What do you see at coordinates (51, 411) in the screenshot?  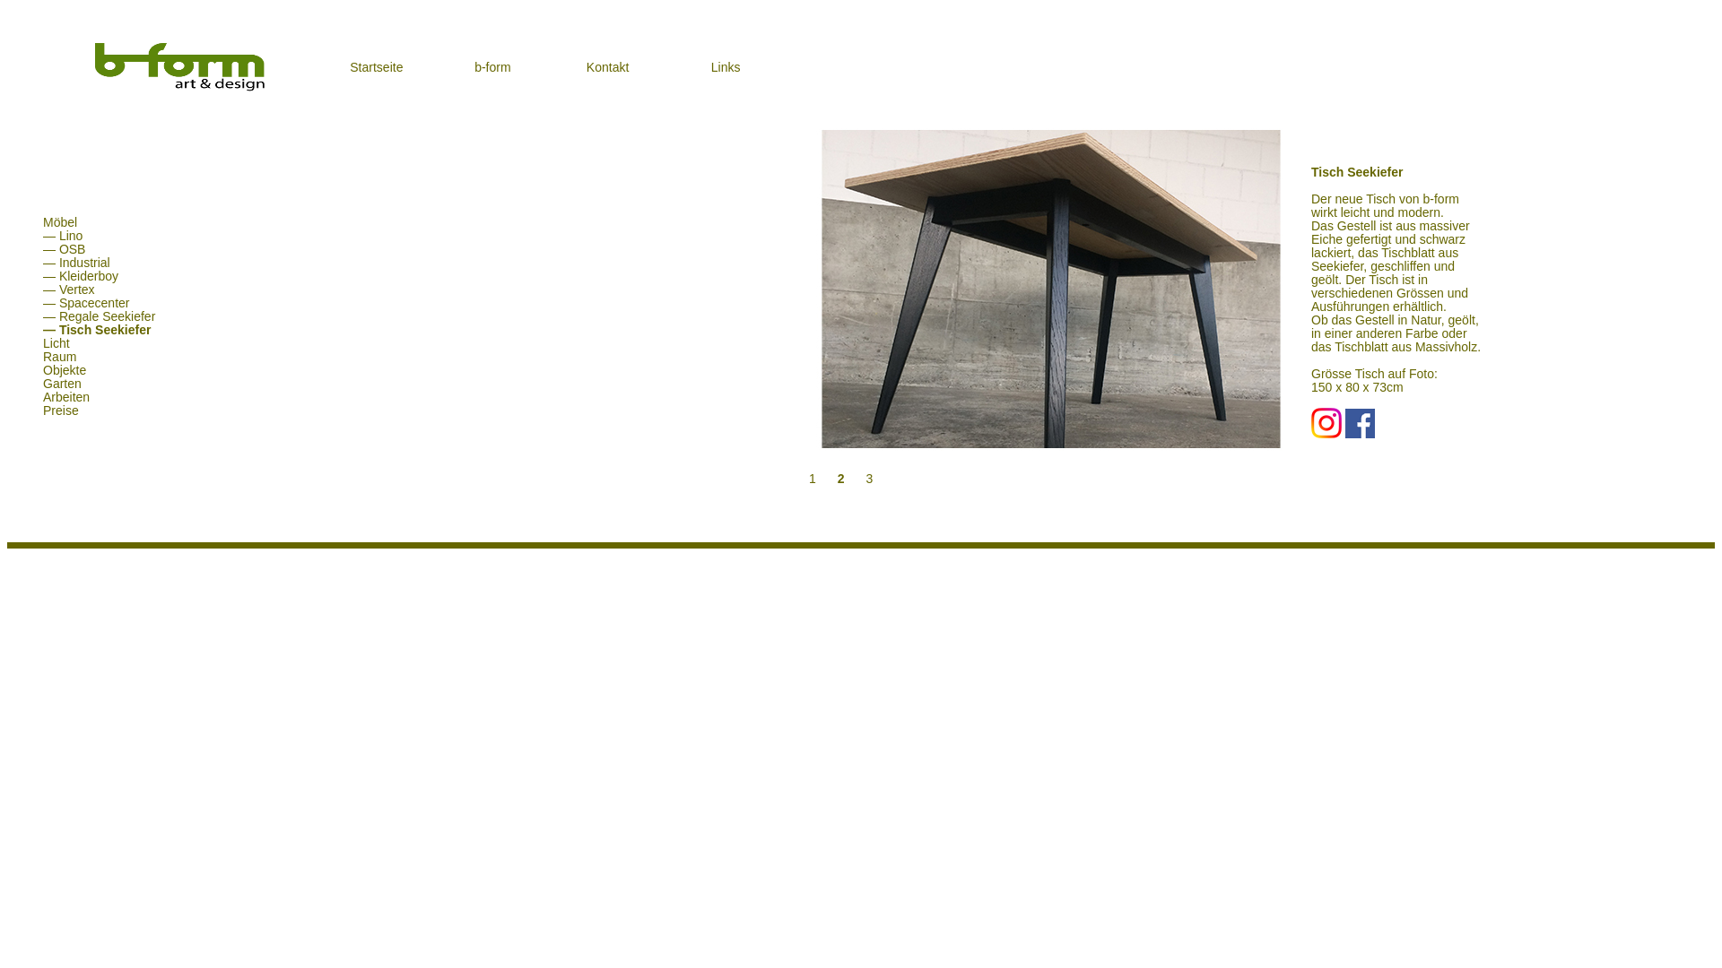 I see `'Preise'` at bounding box center [51, 411].